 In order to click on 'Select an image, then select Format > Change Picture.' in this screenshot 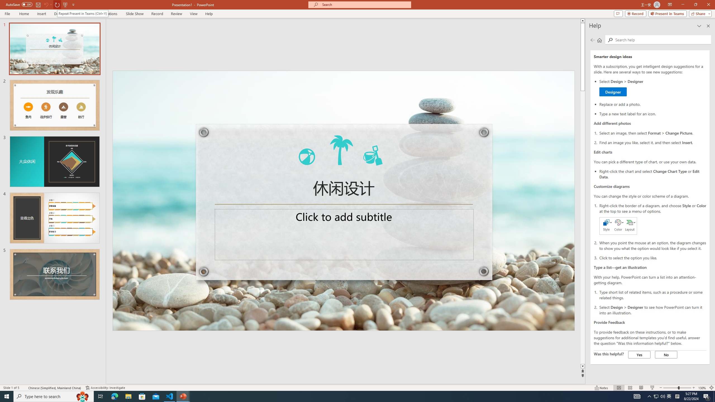, I will do `click(652, 133)`.